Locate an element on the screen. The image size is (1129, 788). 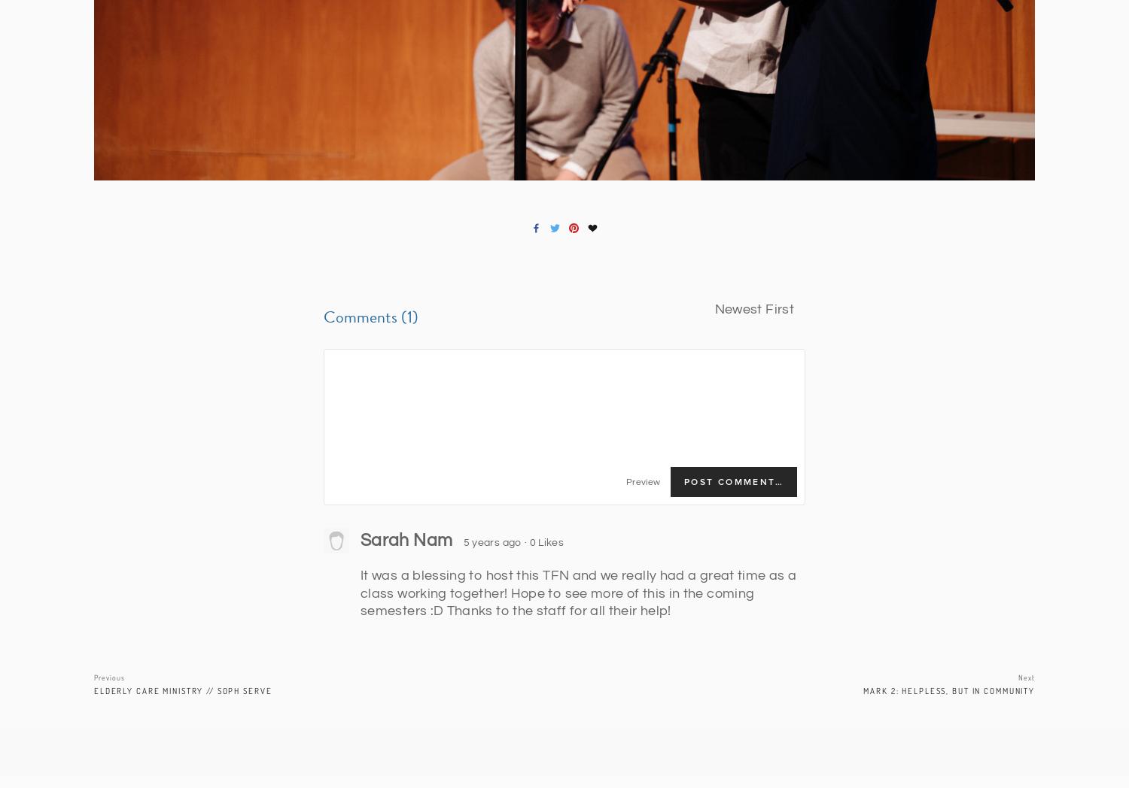
'Newest First' is located at coordinates (754, 309).